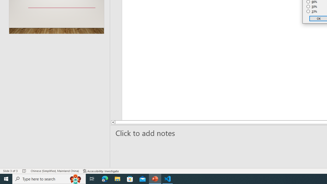 This screenshot has width=327, height=184. I want to click on 'Task View', so click(92, 178).